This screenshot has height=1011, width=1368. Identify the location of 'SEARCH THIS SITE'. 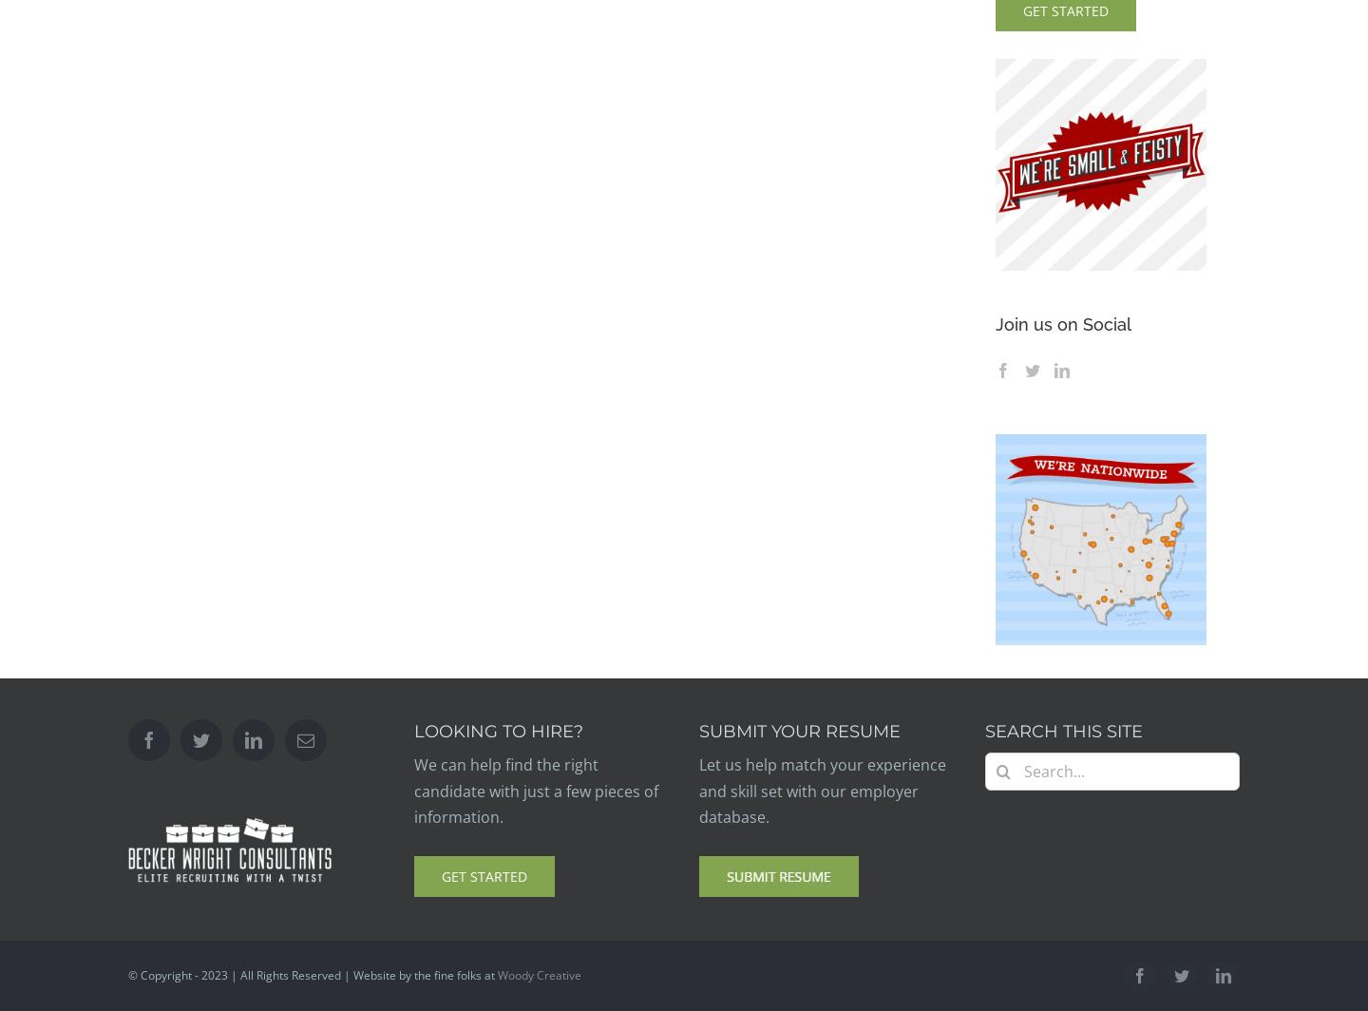
(1062, 732).